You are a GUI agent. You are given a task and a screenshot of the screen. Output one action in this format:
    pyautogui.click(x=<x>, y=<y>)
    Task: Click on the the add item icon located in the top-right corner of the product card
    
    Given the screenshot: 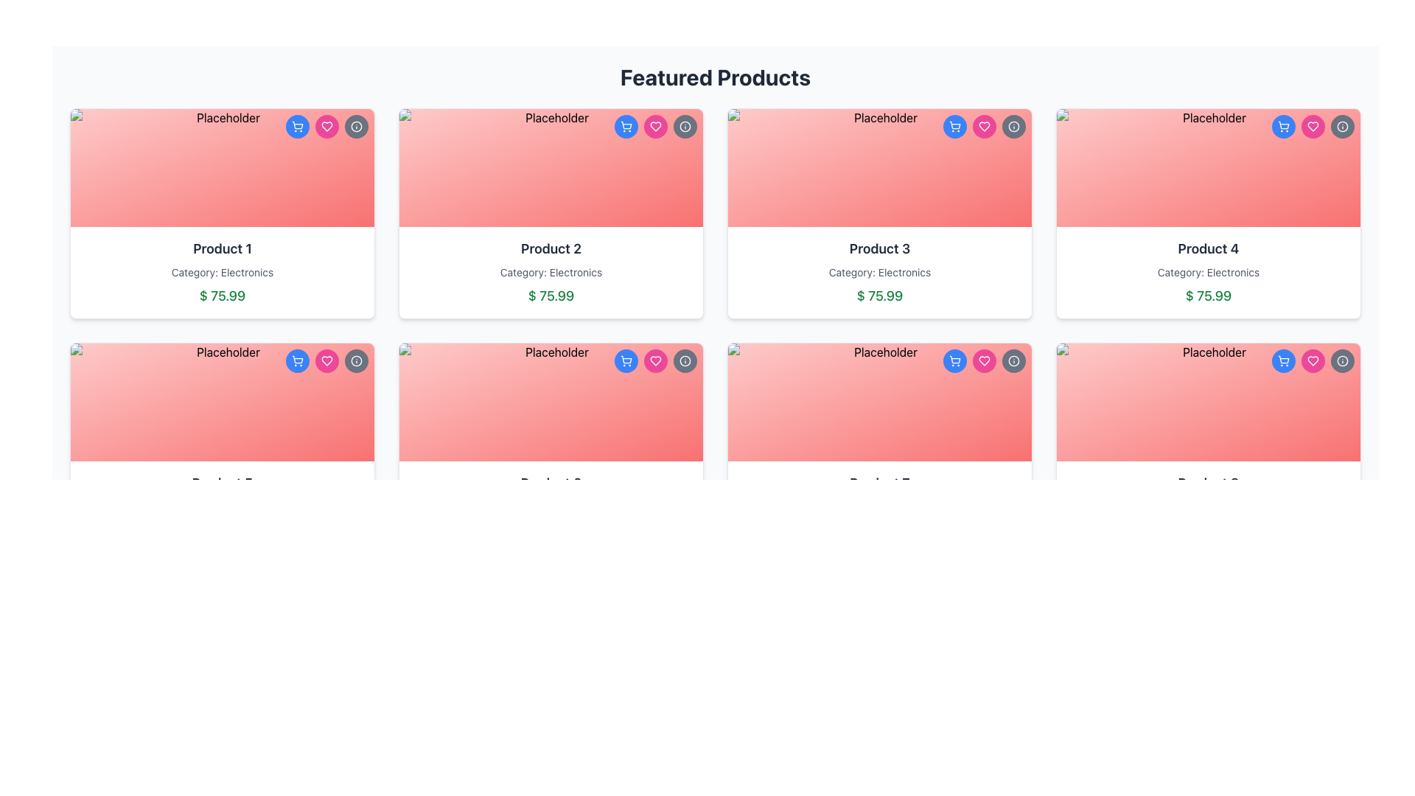 What is the action you would take?
    pyautogui.click(x=955, y=360)
    